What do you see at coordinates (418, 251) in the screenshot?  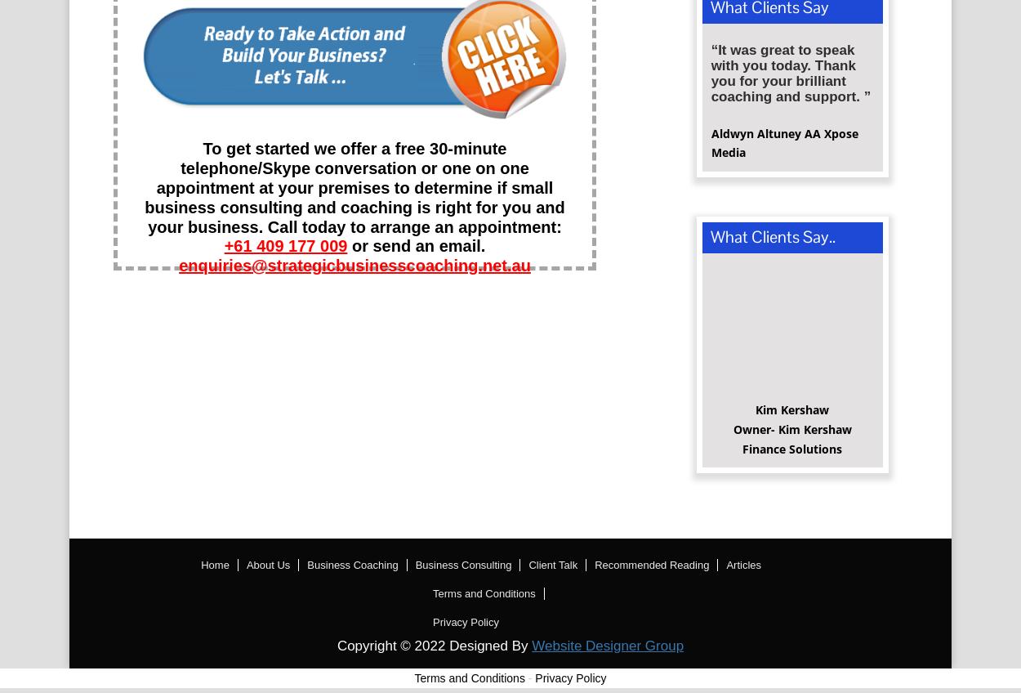 I see `'or send an email.'` at bounding box center [418, 251].